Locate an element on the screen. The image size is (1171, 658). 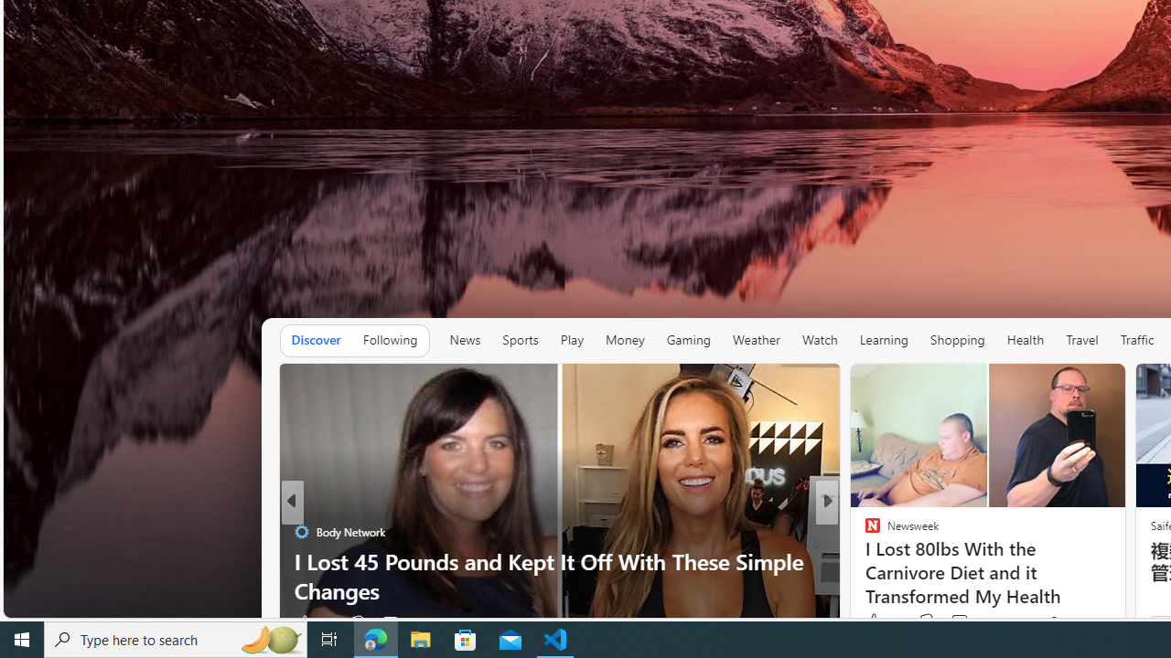
'383 Like' is located at coordinates (882, 621).